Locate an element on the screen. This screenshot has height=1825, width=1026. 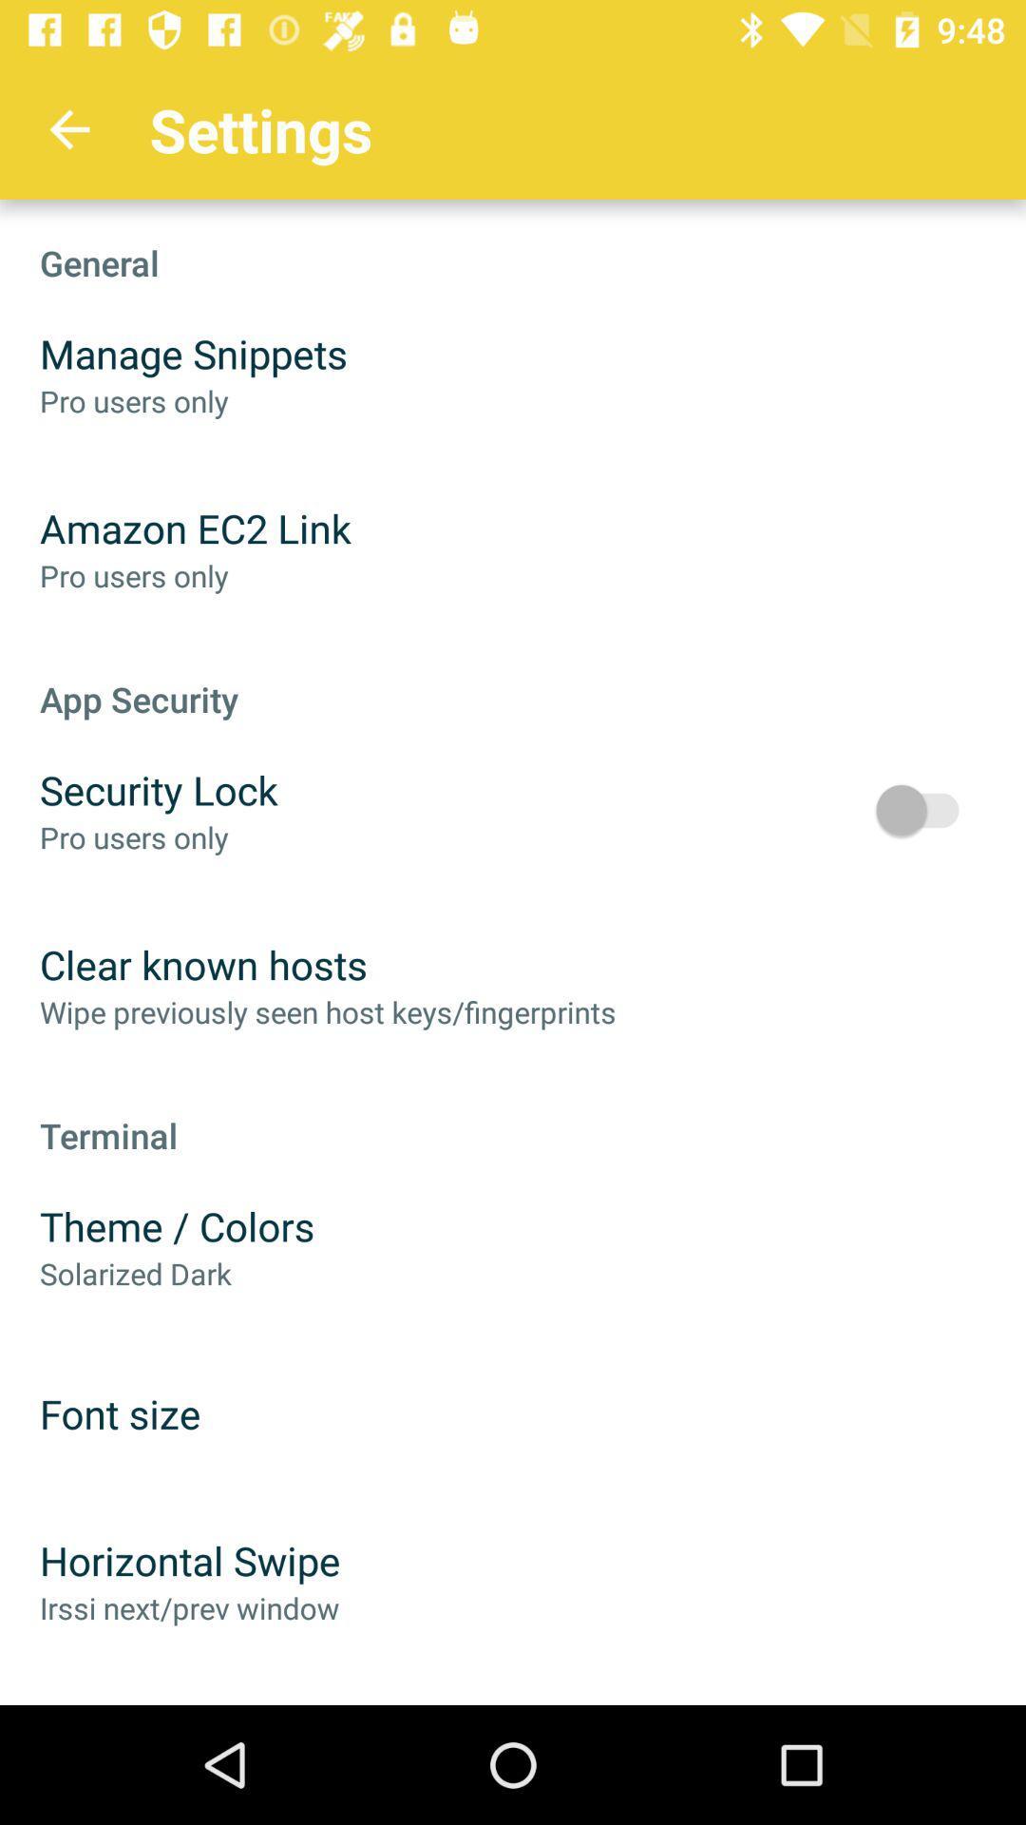
the icon above the pro users only icon is located at coordinates (195, 528).